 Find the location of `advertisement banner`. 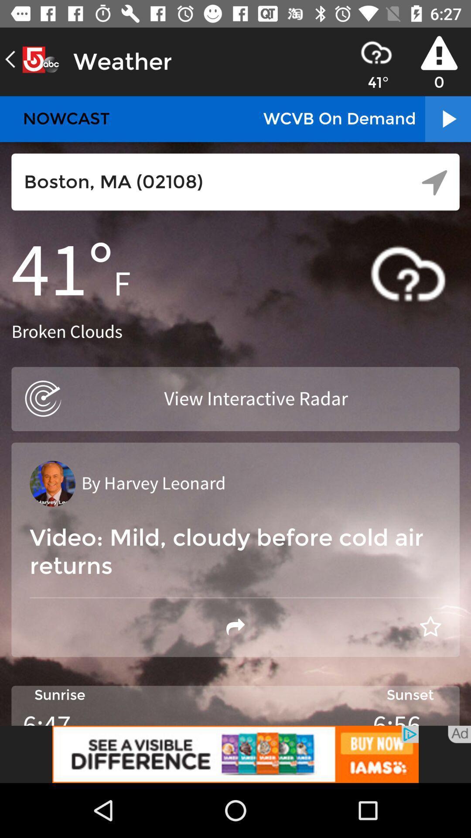

advertisement banner is located at coordinates (235, 754).